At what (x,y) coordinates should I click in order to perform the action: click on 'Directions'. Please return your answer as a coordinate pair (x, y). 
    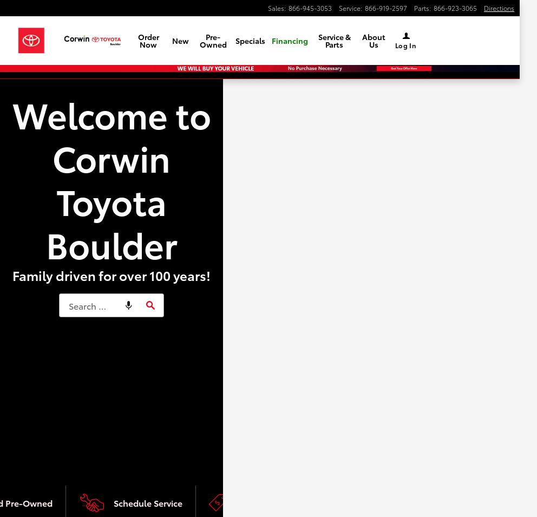
    Looking at the image, I should click on (498, 7).